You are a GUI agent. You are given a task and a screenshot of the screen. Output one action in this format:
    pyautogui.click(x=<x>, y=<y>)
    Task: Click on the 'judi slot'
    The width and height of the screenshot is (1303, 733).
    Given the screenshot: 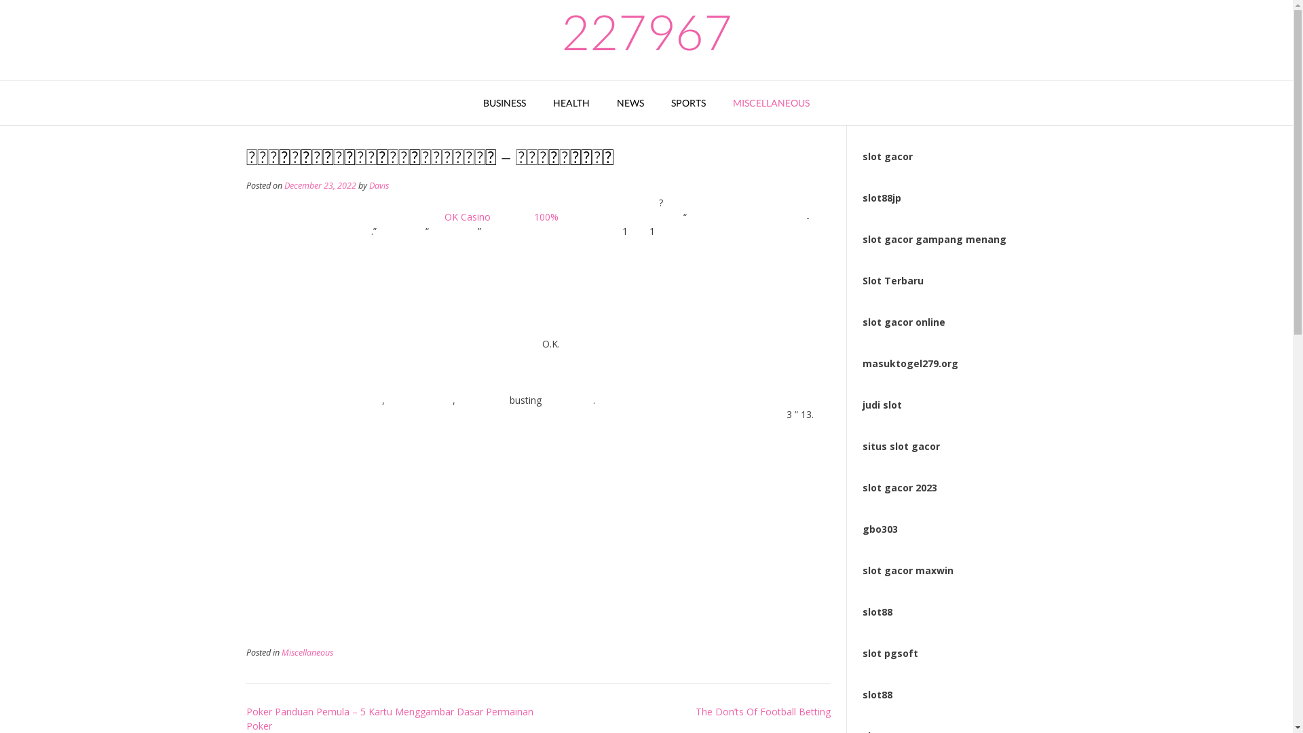 What is the action you would take?
    pyautogui.click(x=862, y=404)
    